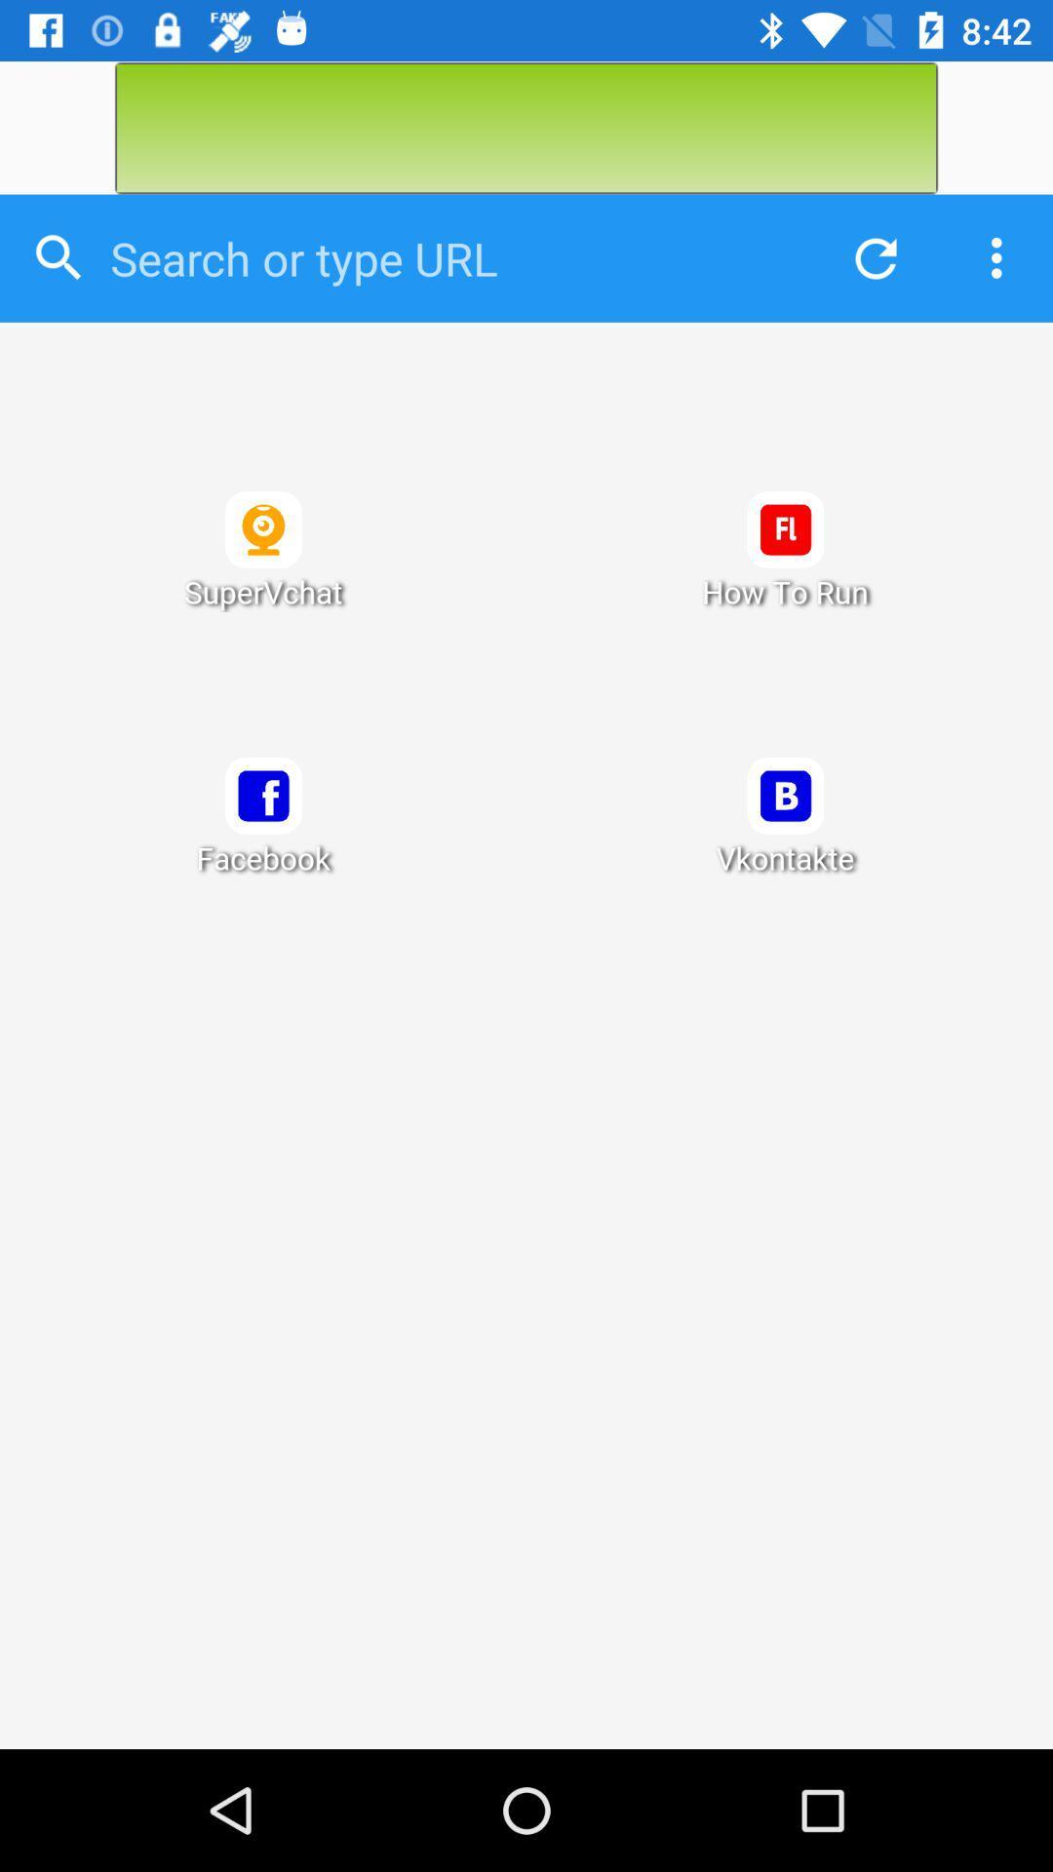 The height and width of the screenshot is (1872, 1053). I want to click on search app, so click(449, 257).